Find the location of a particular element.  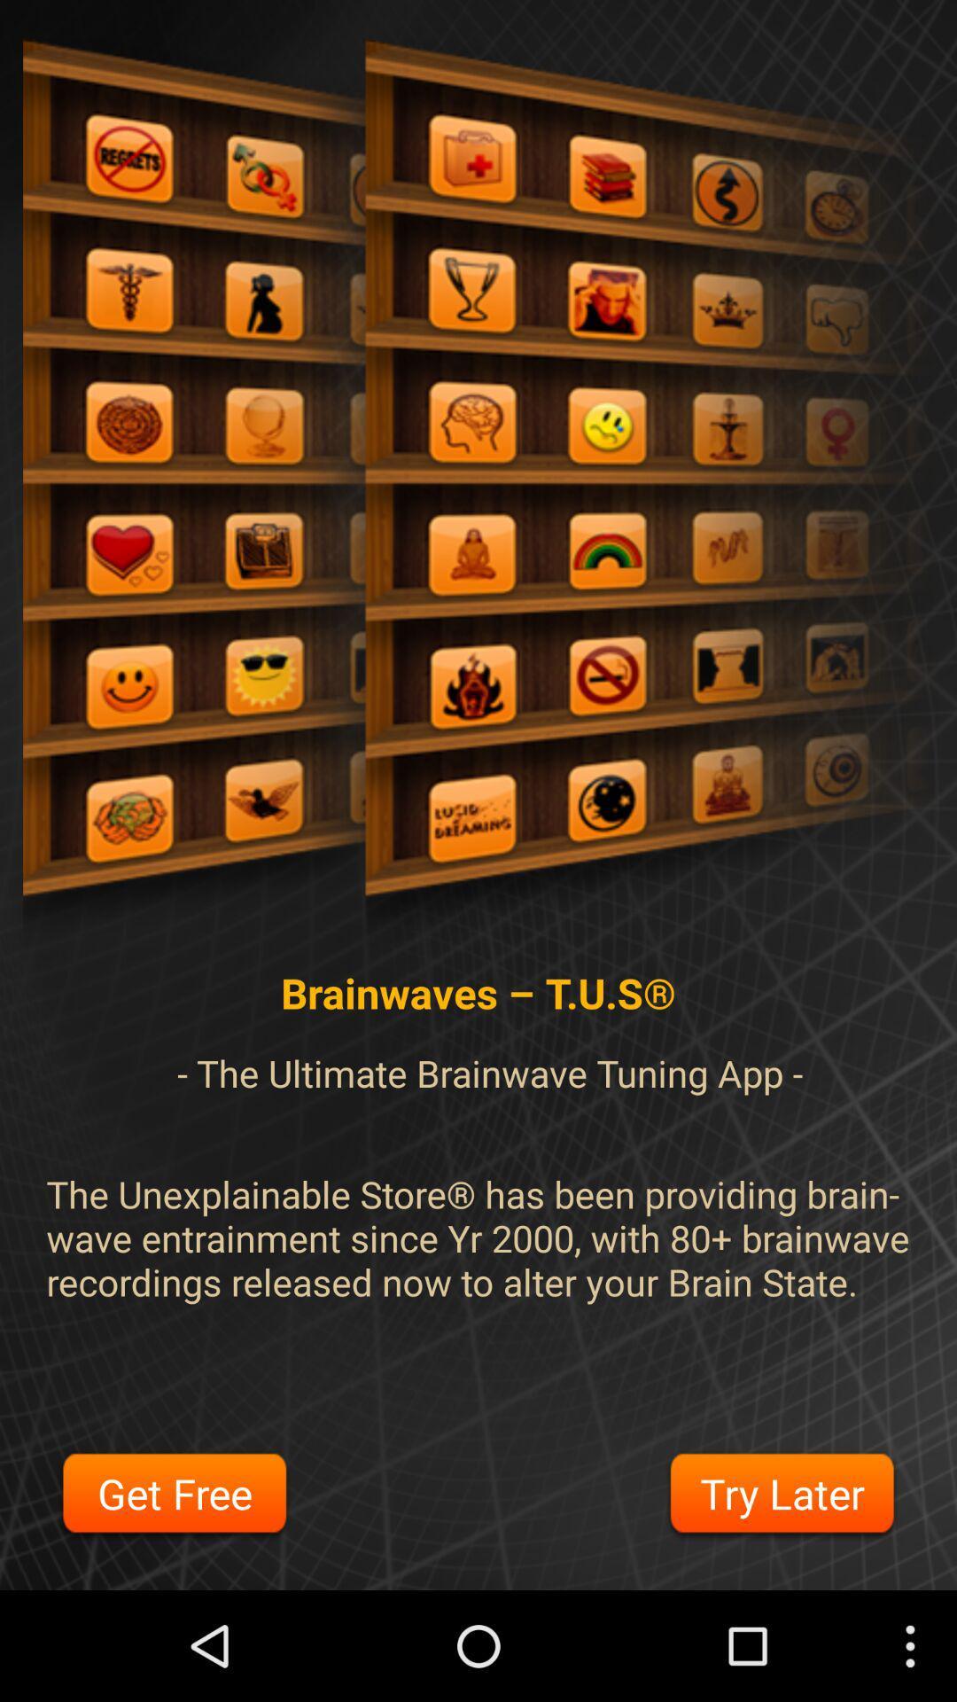

button to the right of the get free button is located at coordinates (781, 1496).